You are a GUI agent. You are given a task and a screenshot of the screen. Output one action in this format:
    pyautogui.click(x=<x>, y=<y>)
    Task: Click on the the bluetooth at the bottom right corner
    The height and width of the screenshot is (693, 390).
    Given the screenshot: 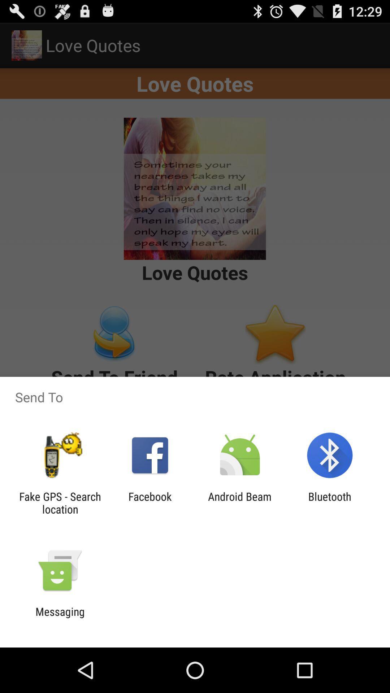 What is the action you would take?
    pyautogui.click(x=330, y=502)
    